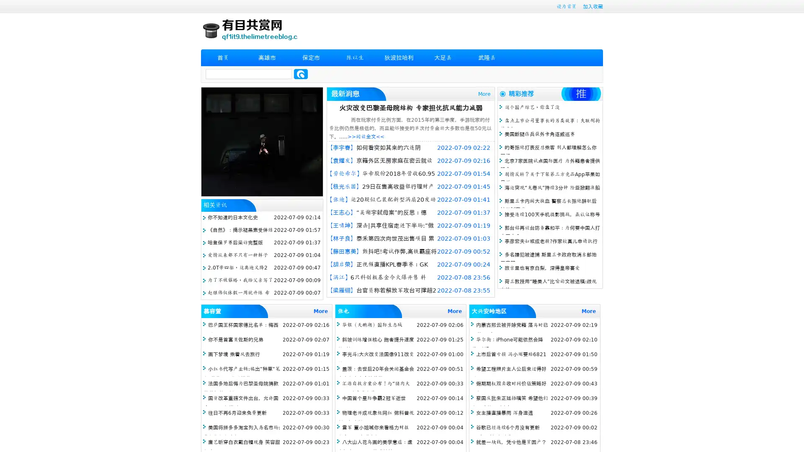 Image resolution: width=804 pixels, height=452 pixels. Describe the element at coordinates (301, 74) in the screenshot. I see `Search` at that location.